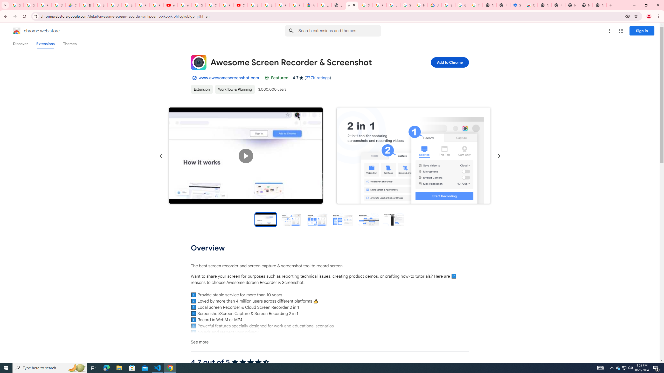  I want to click on 'Preview slide 3', so click(316, 219).